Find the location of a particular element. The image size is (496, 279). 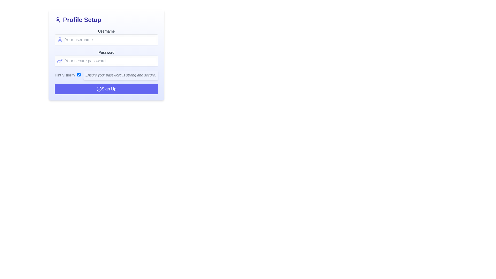

the decorative SVG circle element associated with the 'Sign Up' button located in the lower section of the form is located at coordinates (99, 89).